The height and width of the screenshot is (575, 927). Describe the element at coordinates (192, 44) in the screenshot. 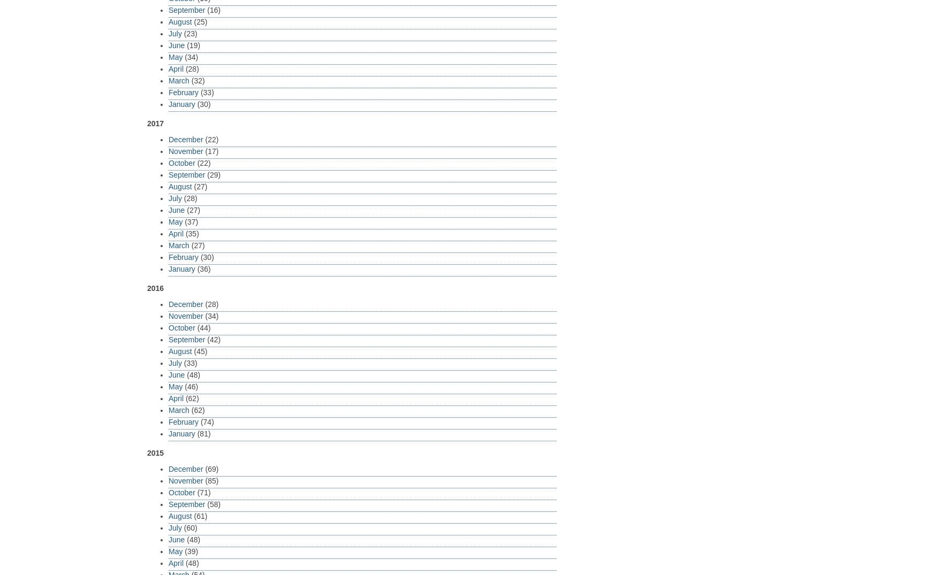

I see `'(19)'` at that location.